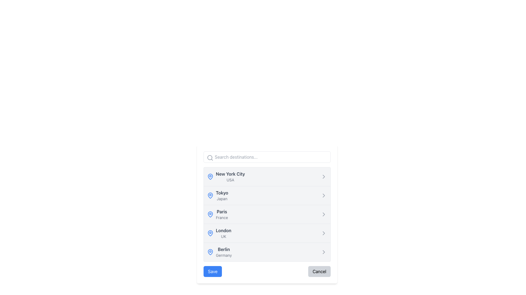  I want to click on the fifth navigation list item, so click(219, 252).